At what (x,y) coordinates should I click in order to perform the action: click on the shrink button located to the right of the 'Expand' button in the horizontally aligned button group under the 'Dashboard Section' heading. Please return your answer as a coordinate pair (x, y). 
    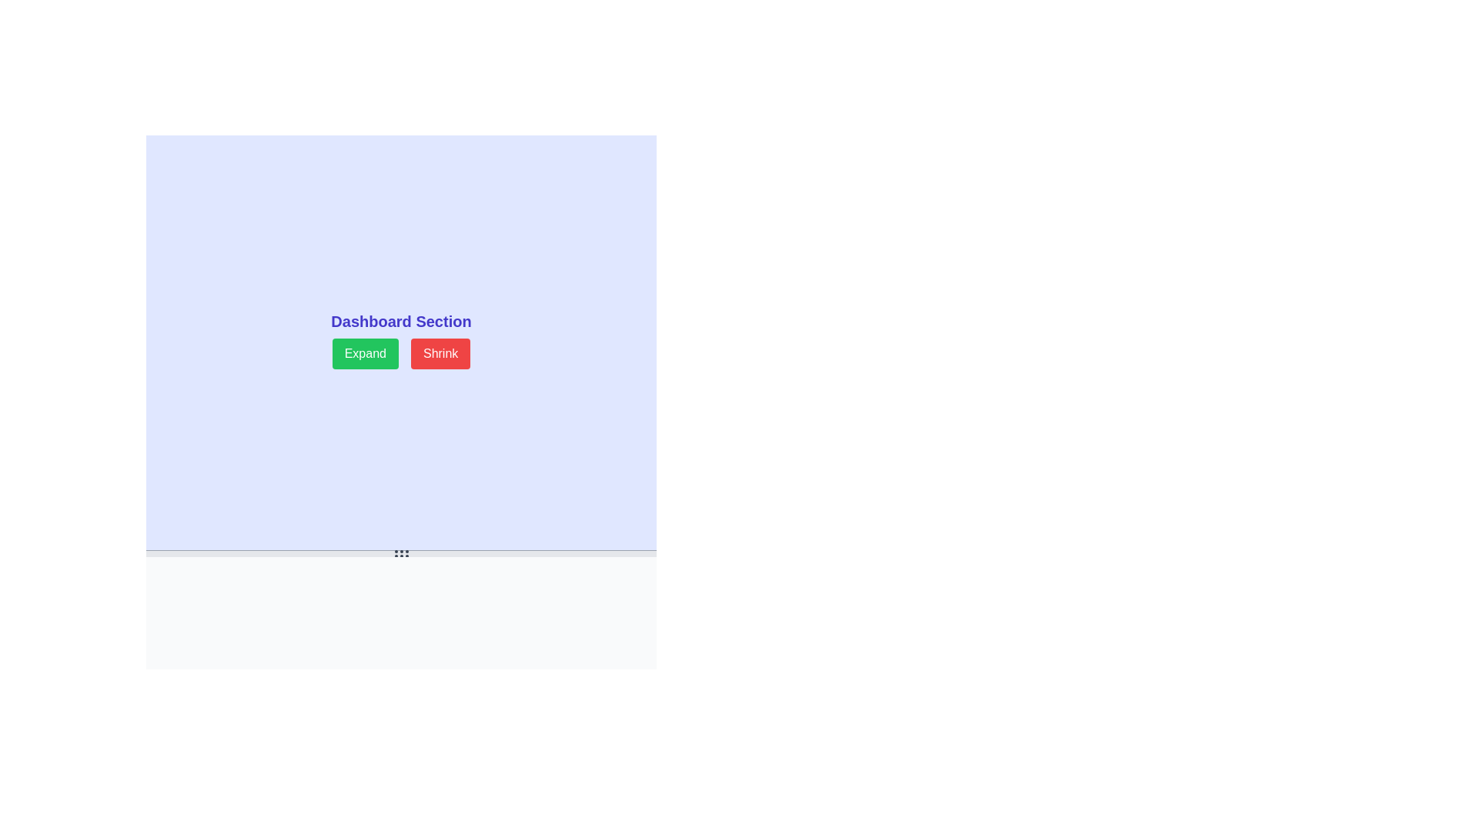
    Looking at the image, I should click on (440, 353).